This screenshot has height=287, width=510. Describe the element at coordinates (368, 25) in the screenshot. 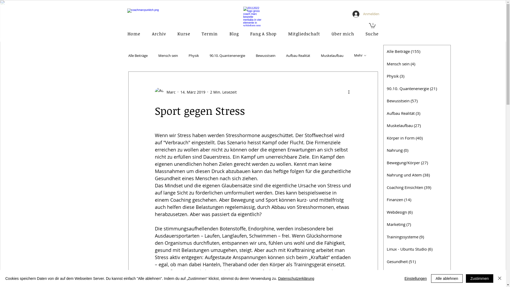

I see `'0'` at that location.